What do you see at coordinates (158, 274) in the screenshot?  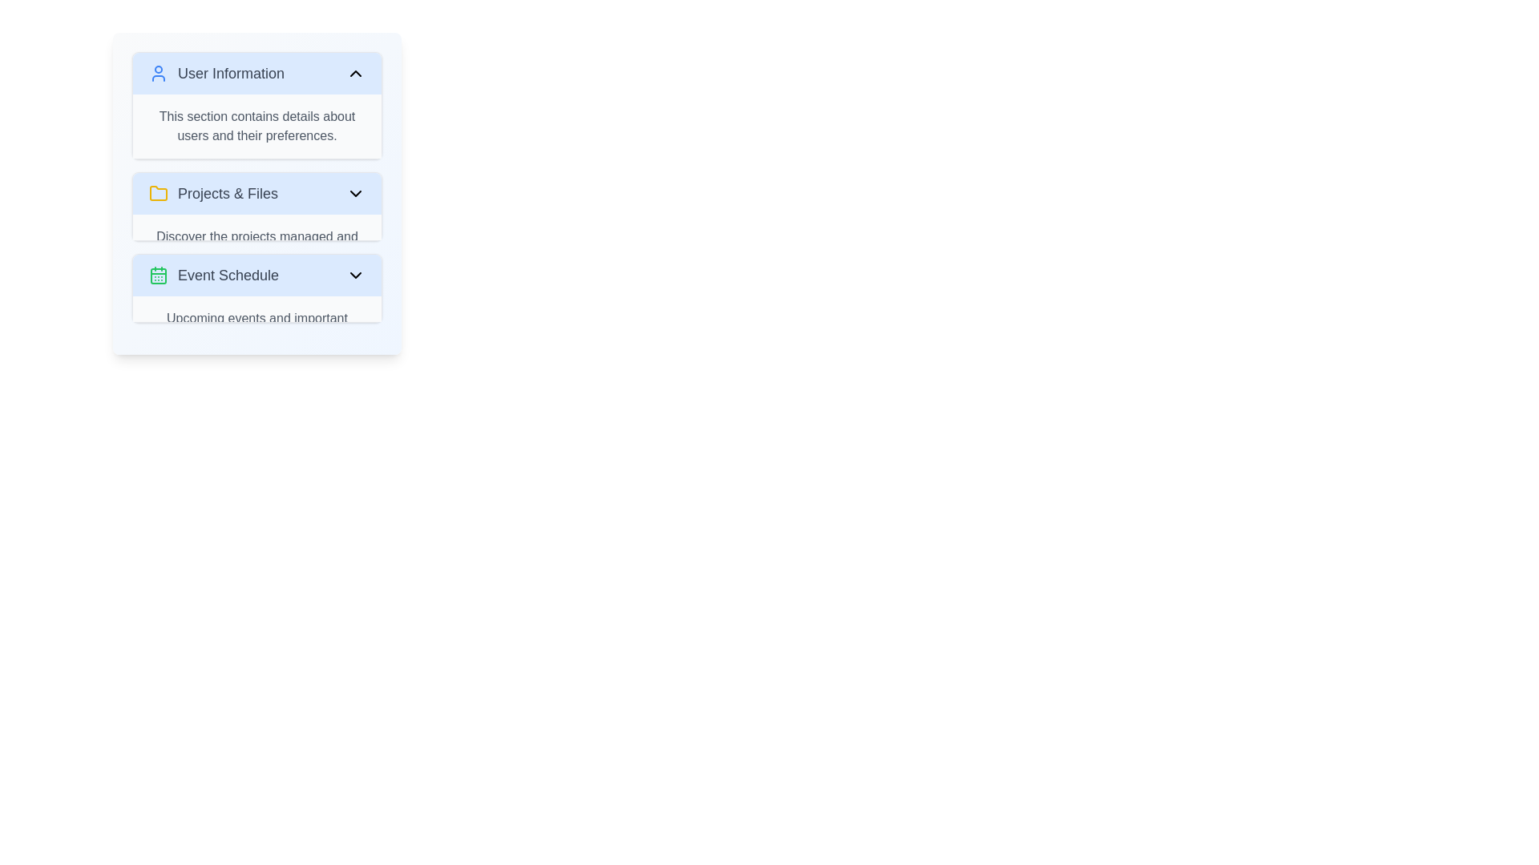 I see `the green outlined calendar icon located next to the 'Event Schedule' text in the third section of the list` at bounding box center [158, 274].